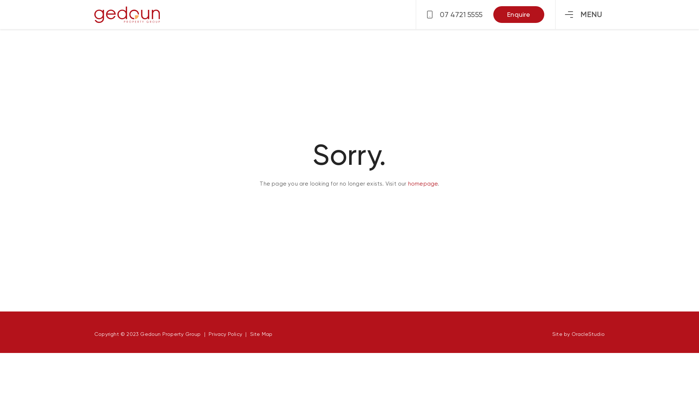 This screenshot has width=699, height=393. What do you see at coordinates (584, 14) in the screenshot?
I see `'MENU'` at bounding box center [584, 14].